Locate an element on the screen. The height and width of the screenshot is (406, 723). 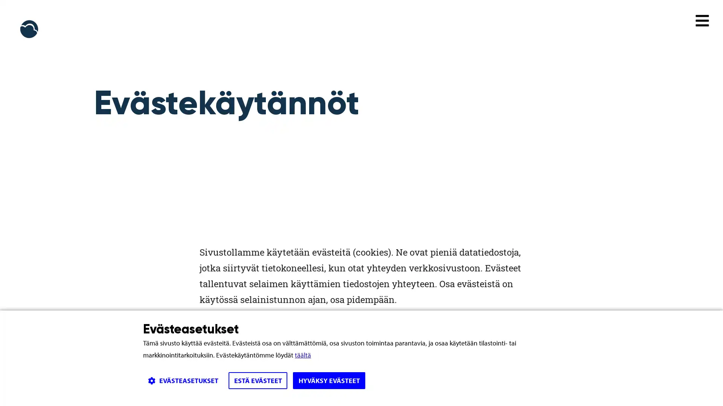
EVASTEASETUKSET is located at coordinates (183, 380).